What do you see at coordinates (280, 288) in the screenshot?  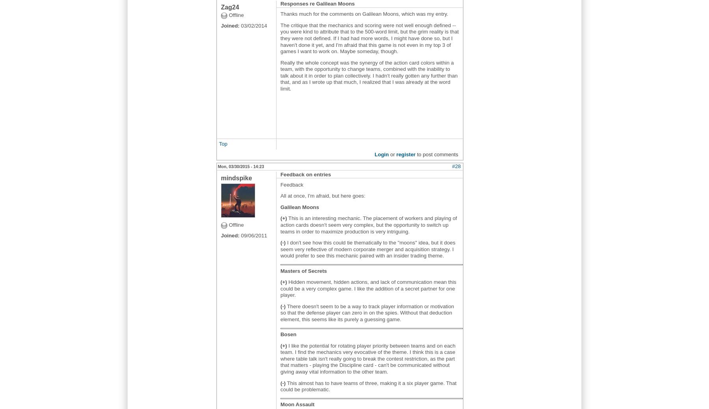 I see `'Hidden movement, hidden actions, and lack of communication mean this could be a very complex game. I like the addition of a secret partner for one player.'` at bounding box center [280, 288].